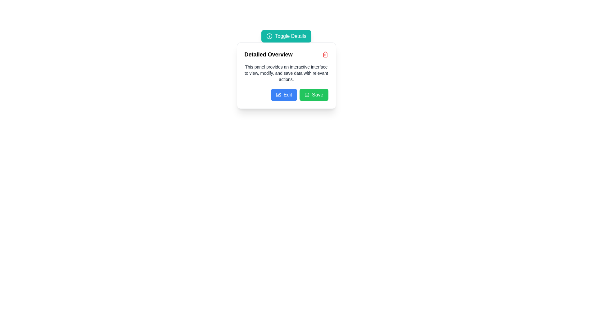 Image resolution: width=596 pixels, height=335 pixels. I want to click on the red trash can icon button in the top-right corner of the 'Detailed Overview' panel, so click(325, 54).